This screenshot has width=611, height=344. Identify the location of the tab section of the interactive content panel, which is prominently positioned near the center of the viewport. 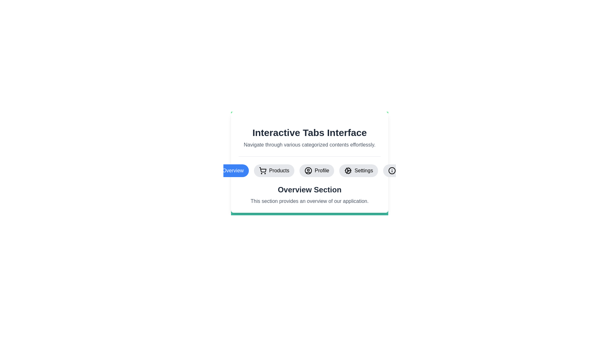
(310, 159).